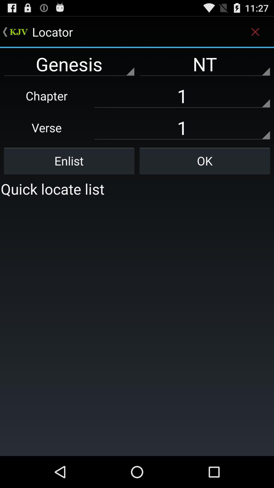 The width and height of the screenshot is (274, 488). What do you see at coordinates (255, 32) in the screenshot?
I see `the icon above nt item` at bounding box center [255, 32].